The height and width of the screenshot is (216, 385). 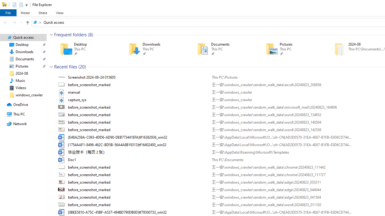 I want to click on 'Properties', so click(x=14, y=4).